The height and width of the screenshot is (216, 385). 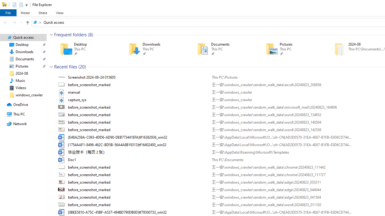 I want to click on 'Properties', so click(x=14, y=4).